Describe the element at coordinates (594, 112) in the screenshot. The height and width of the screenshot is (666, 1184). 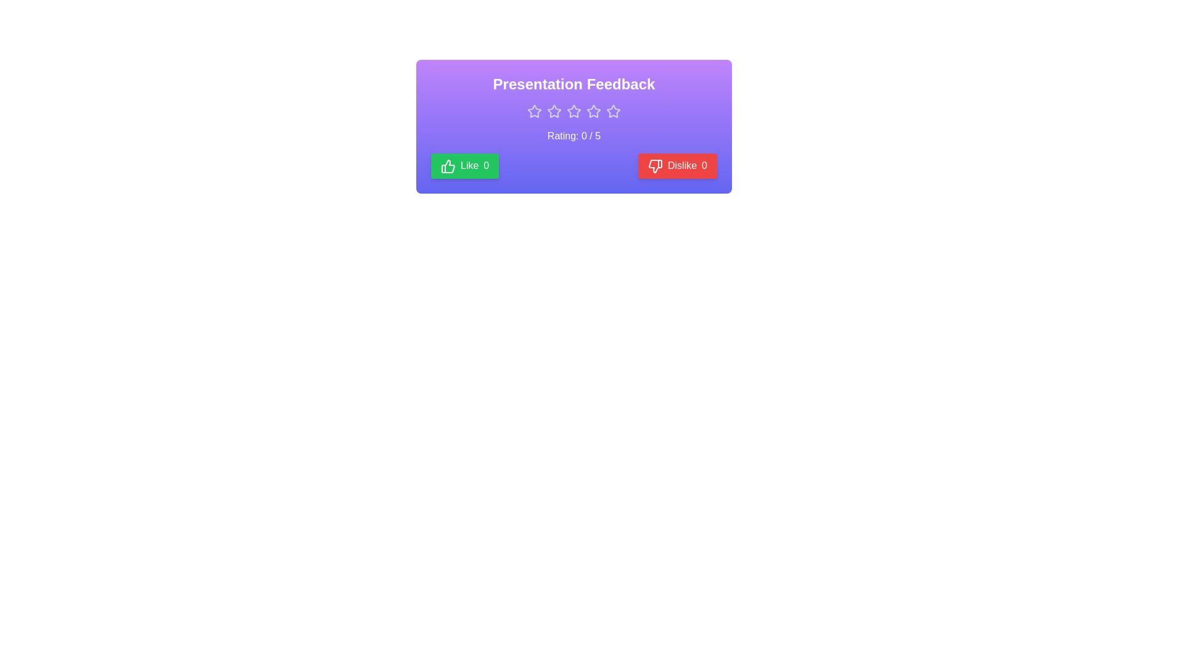
I see `the rating to 4 stars by clicking on the corresponding star` at that location.